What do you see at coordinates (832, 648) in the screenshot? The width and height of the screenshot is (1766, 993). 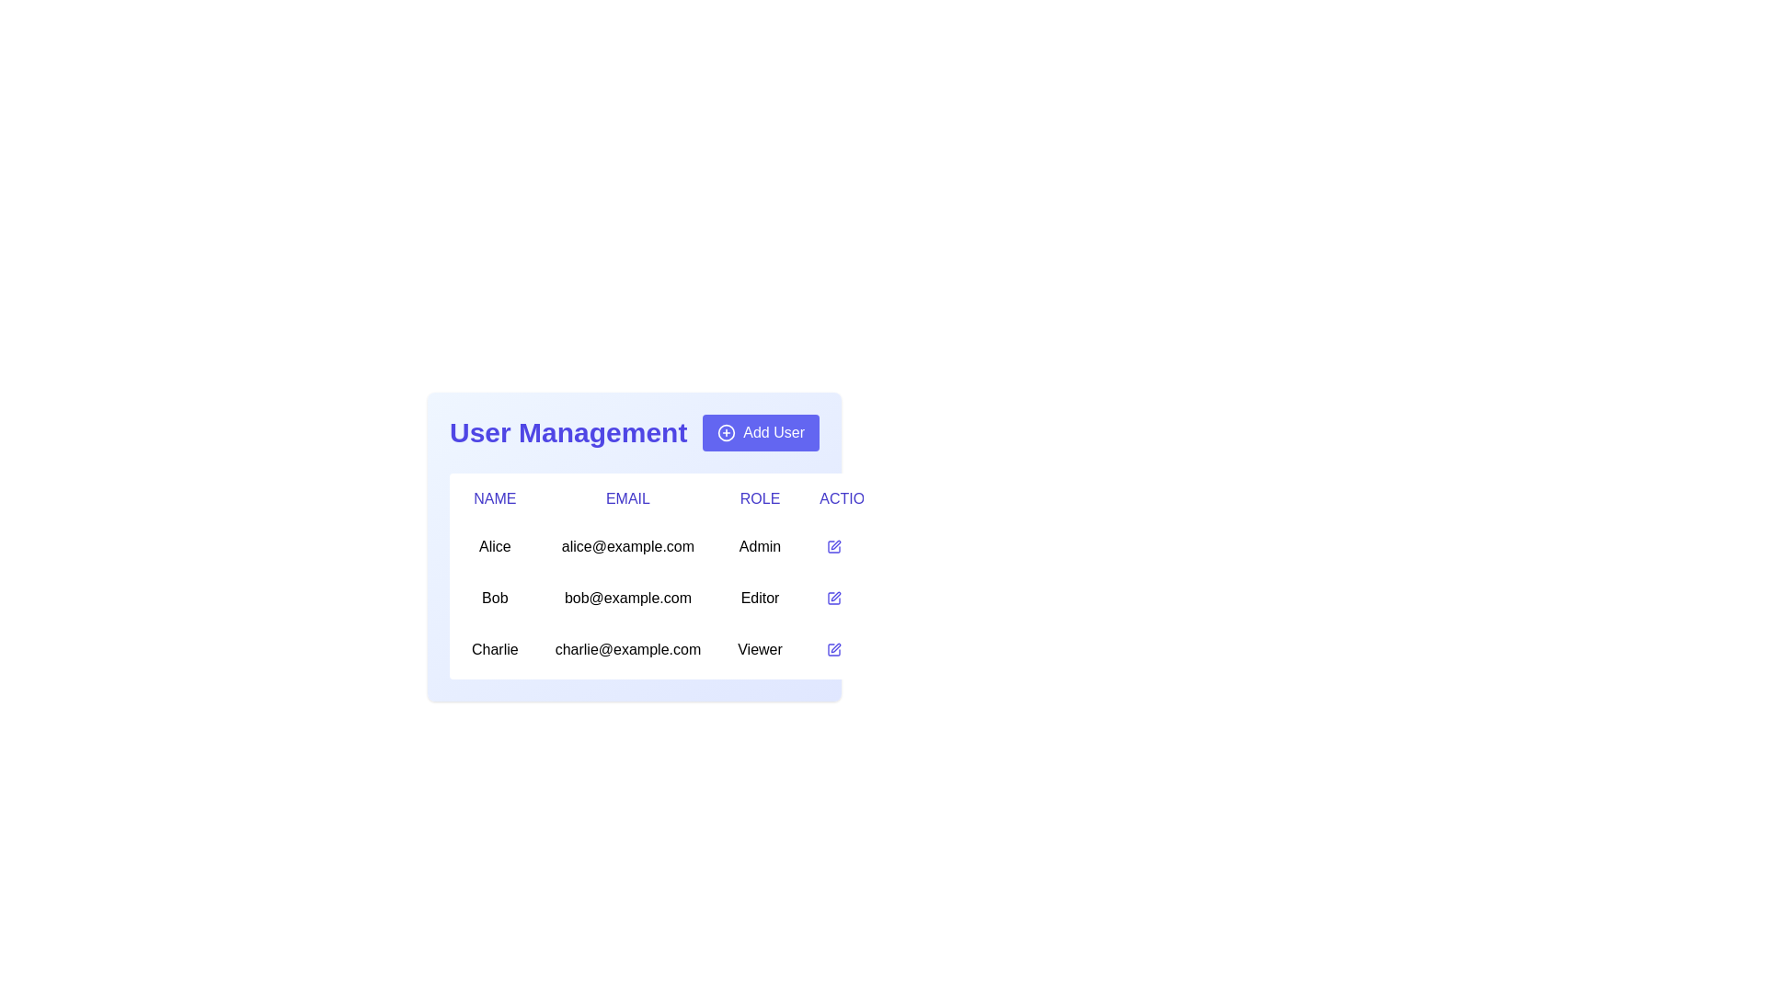 I see `the leftmost button with a pen icon` at bounding box center [832, 648].